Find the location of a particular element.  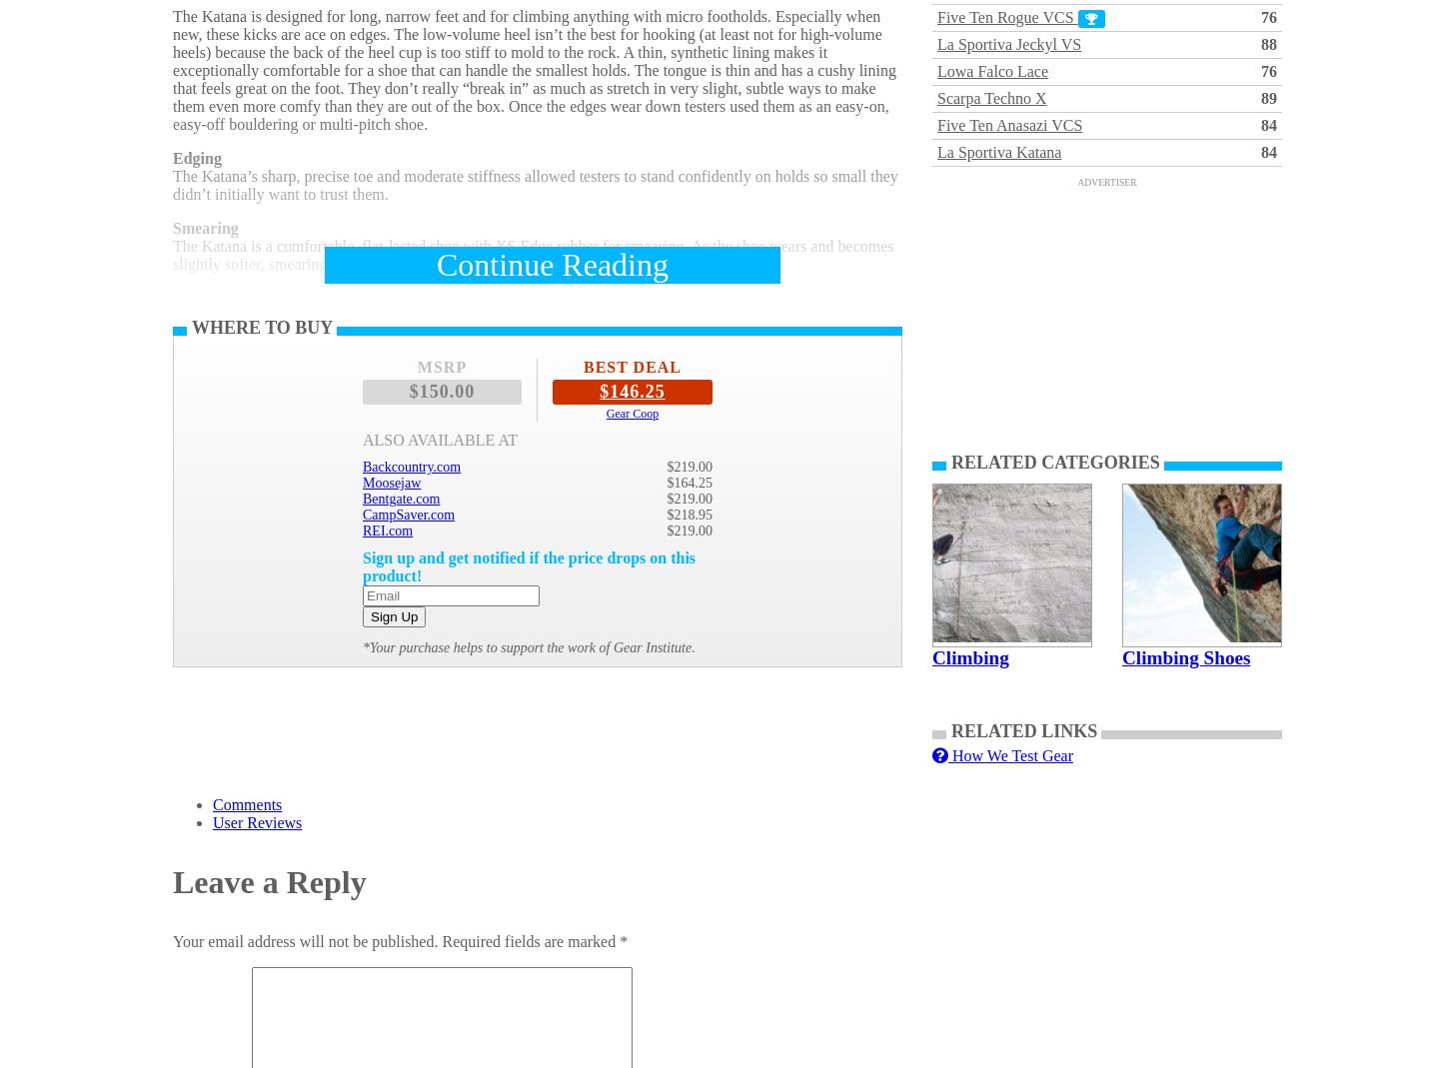

'88' is located at coordinates (1269, 43).